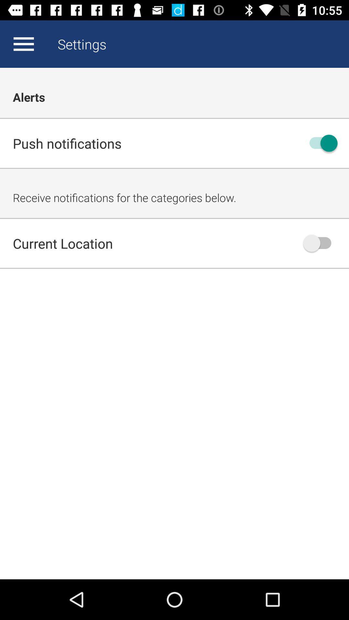  I want to click on settings, so click(23, 44).